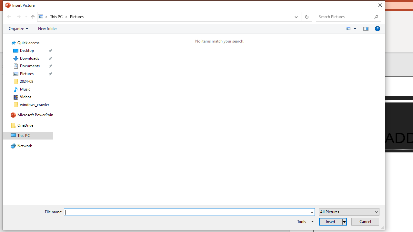 This screenshot has width=413, height=232. What do you see at coordinates (18, 28) in the screenshot?
I see `'Organize'` at bounding box center [18, 28].